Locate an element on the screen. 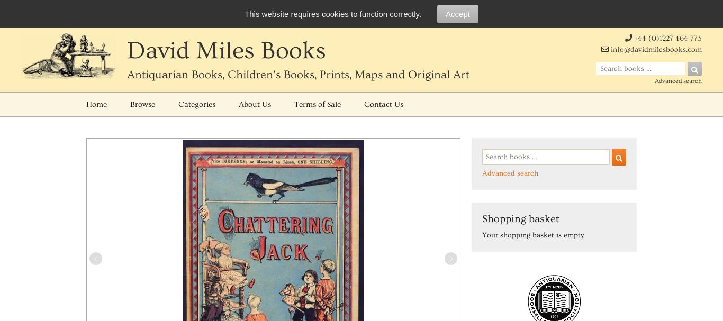 Image resolution: width=723 pixels, height=321 pixels. '<' is located at coordinates (95, 258).